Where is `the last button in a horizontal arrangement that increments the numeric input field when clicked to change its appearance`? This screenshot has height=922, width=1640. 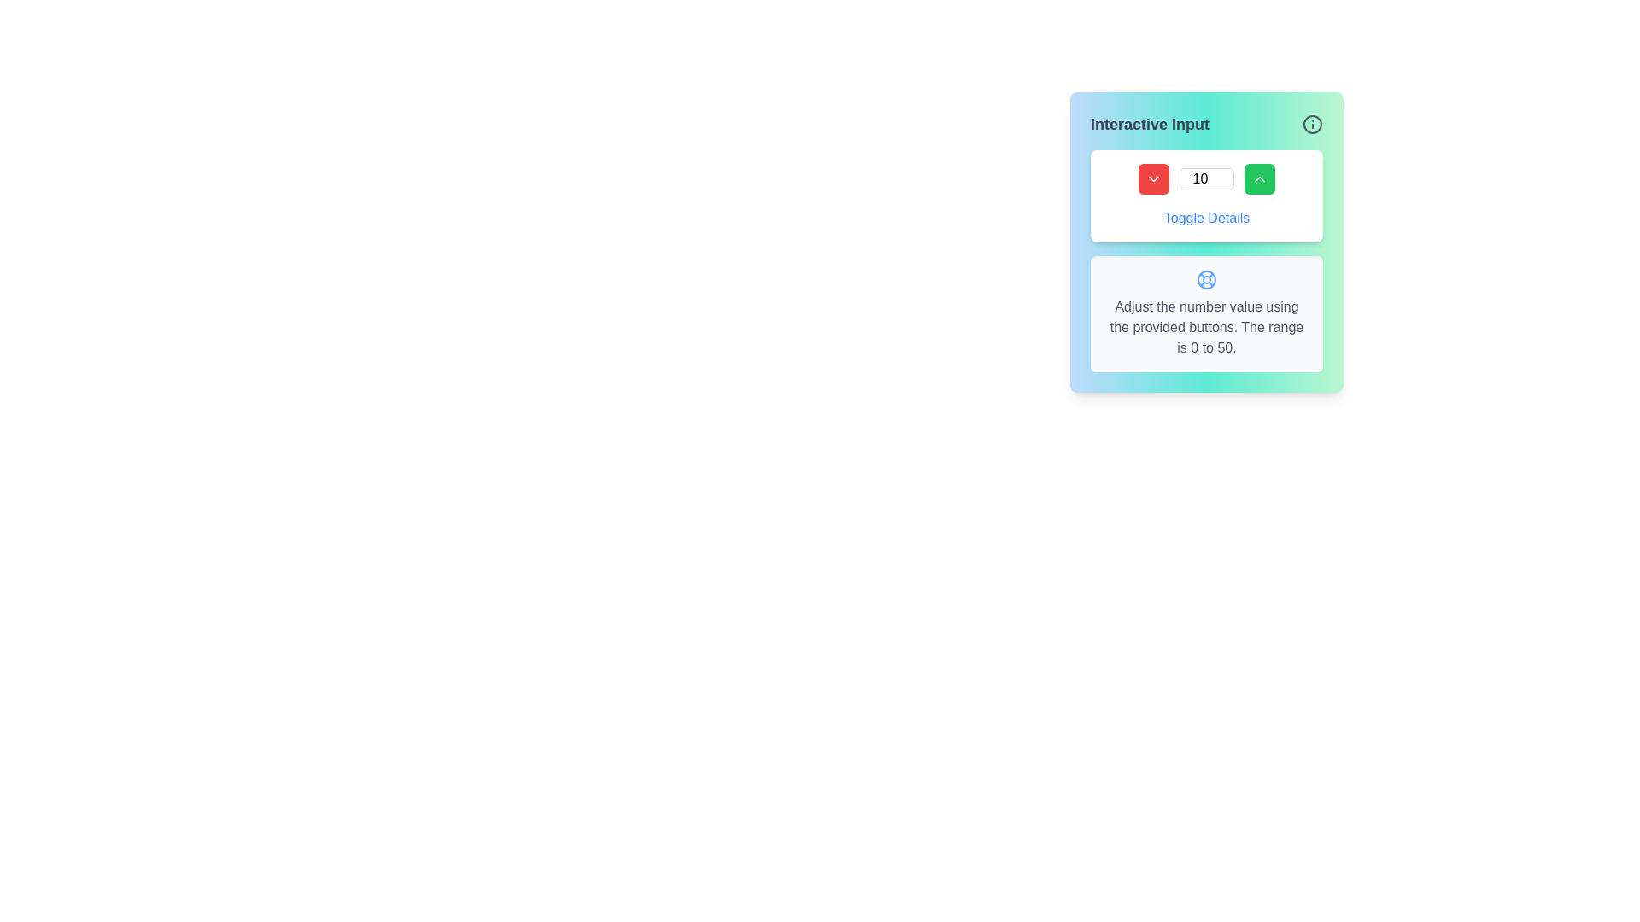
the last button in a horizontal arrangement that increments the numeric input field when clicked to change its appearance is located at coordinates (1259, 178).